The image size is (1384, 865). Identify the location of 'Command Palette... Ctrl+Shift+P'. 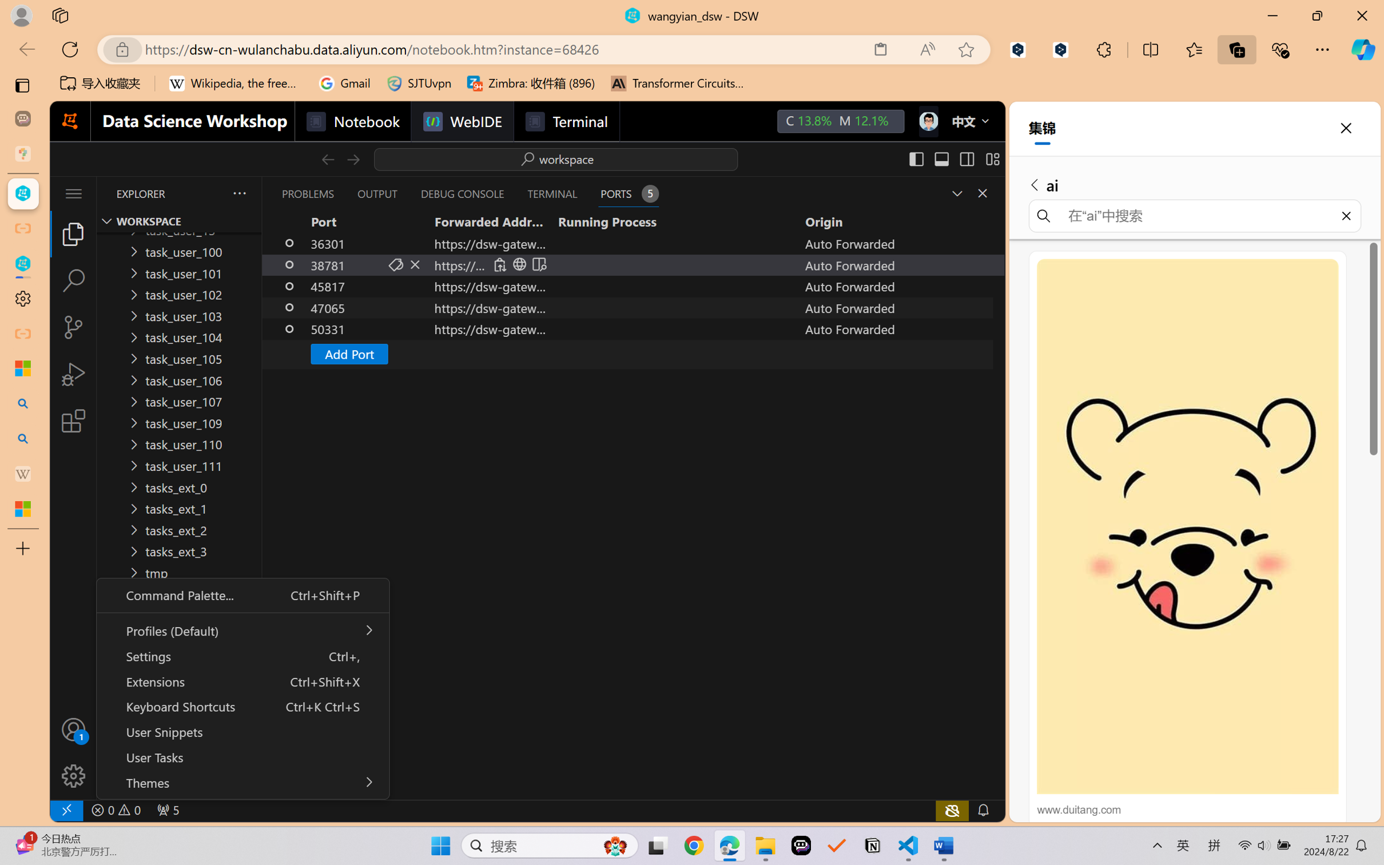
(242, 595).